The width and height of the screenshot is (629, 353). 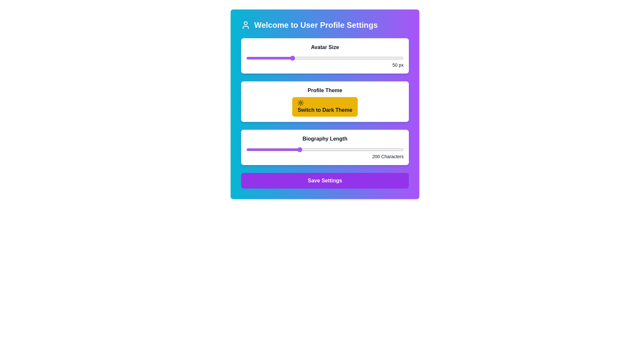 What do you see at coordinates (368, 58) in the screenshot?
I see `avatar size` at bounding box center [368, 58].